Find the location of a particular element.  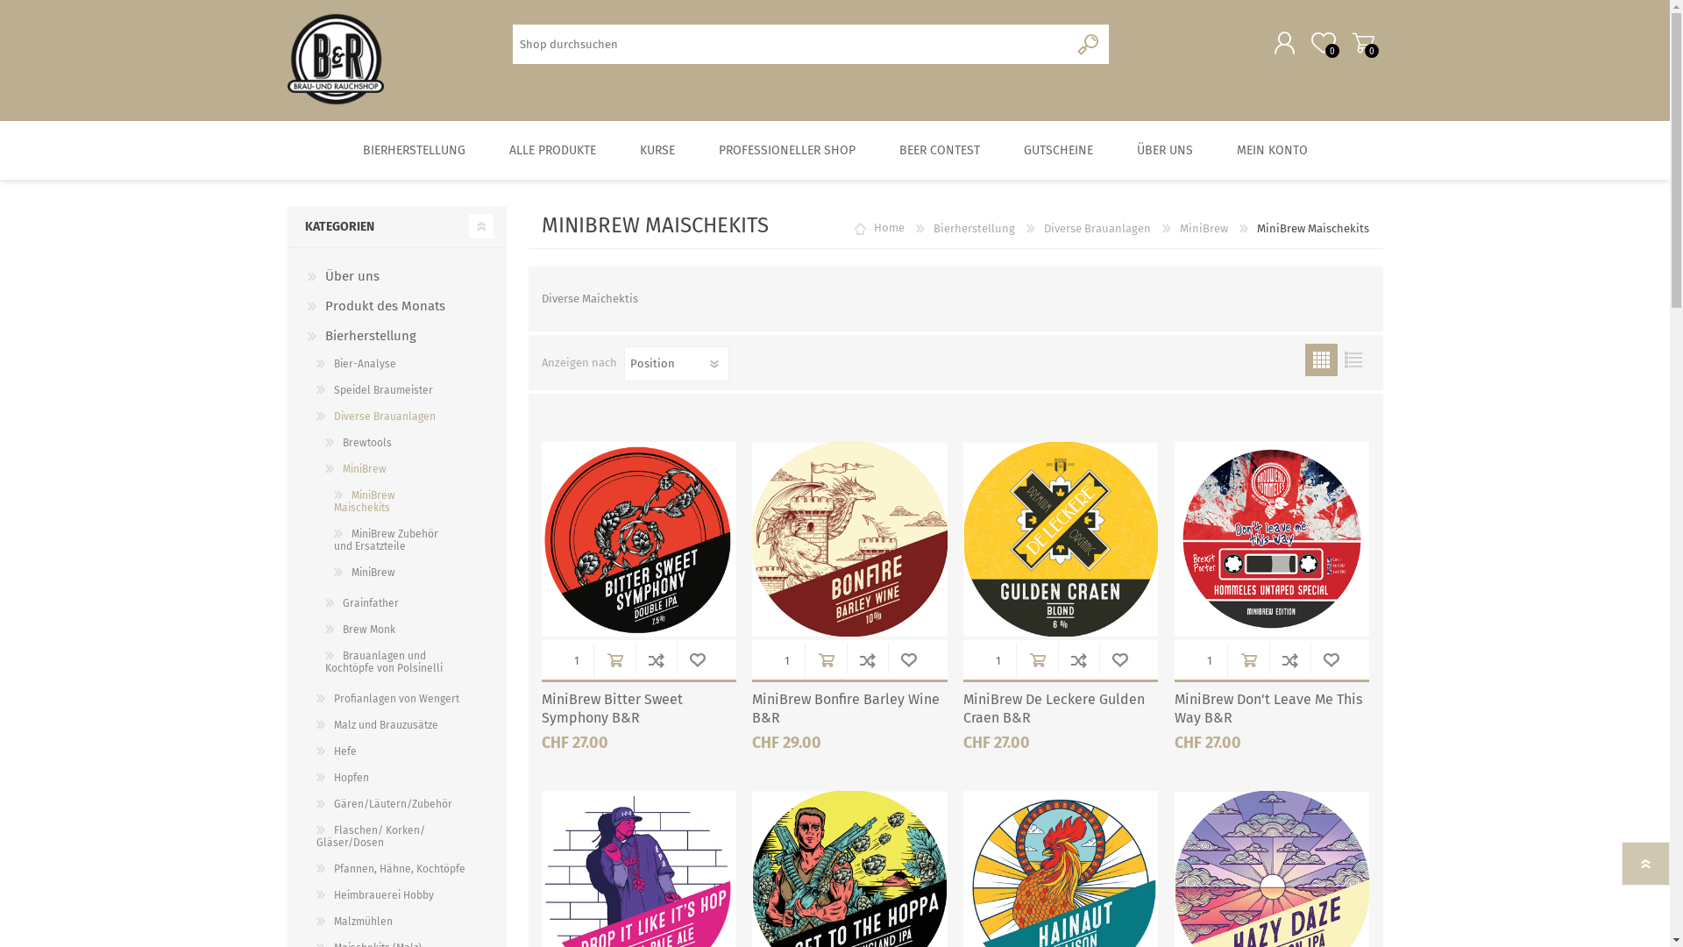

'Suchen' is located at coordinates (1068, 43).